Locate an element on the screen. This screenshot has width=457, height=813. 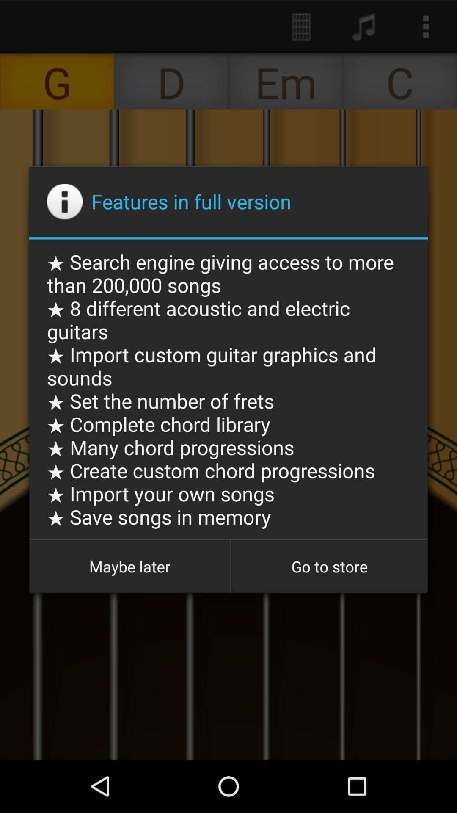
the go to store item is located at coordinates (329, 567).